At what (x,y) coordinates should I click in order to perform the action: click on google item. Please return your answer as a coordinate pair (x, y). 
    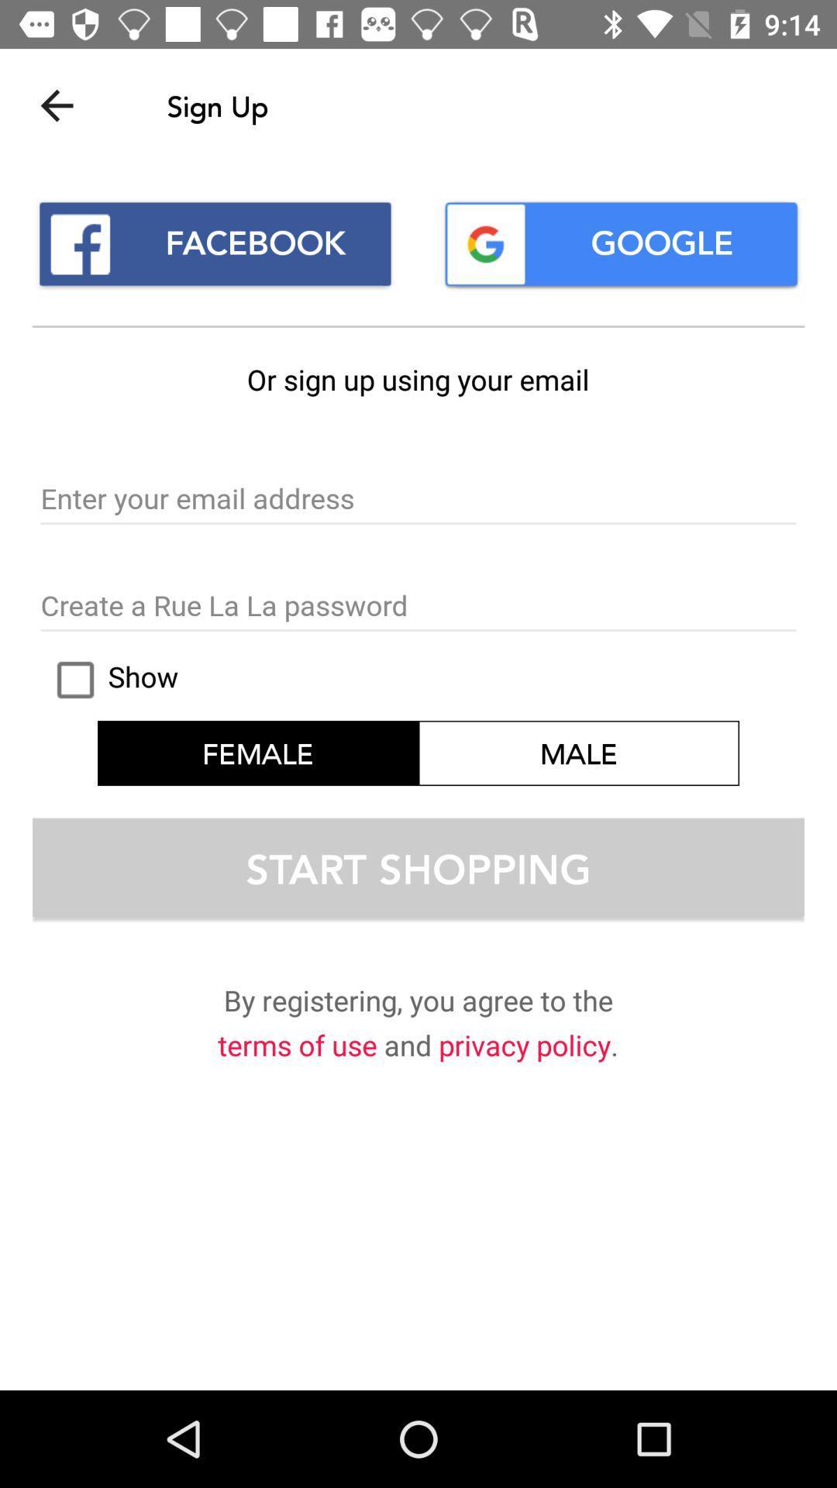
    Looking at the image, I should click on (620, 243).